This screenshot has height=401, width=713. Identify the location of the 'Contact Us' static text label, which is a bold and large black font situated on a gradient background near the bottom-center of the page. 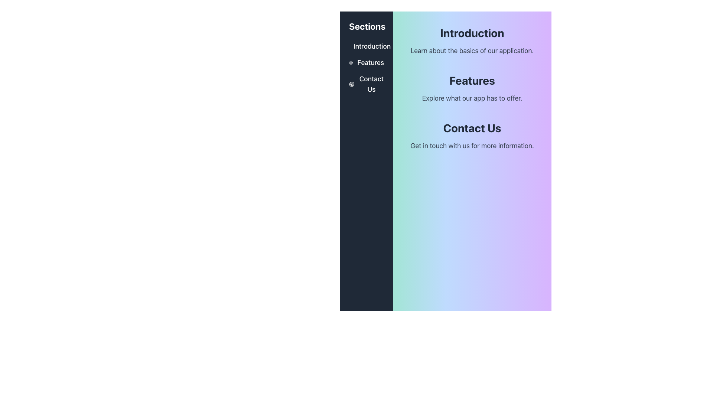
(472, 127).